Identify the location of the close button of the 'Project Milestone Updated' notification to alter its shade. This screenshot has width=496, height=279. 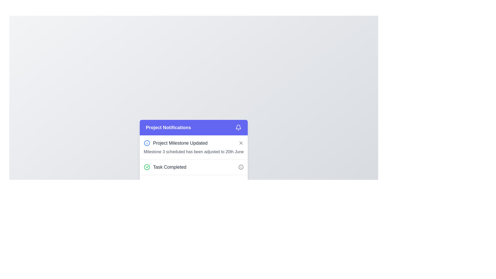
(241, 143).